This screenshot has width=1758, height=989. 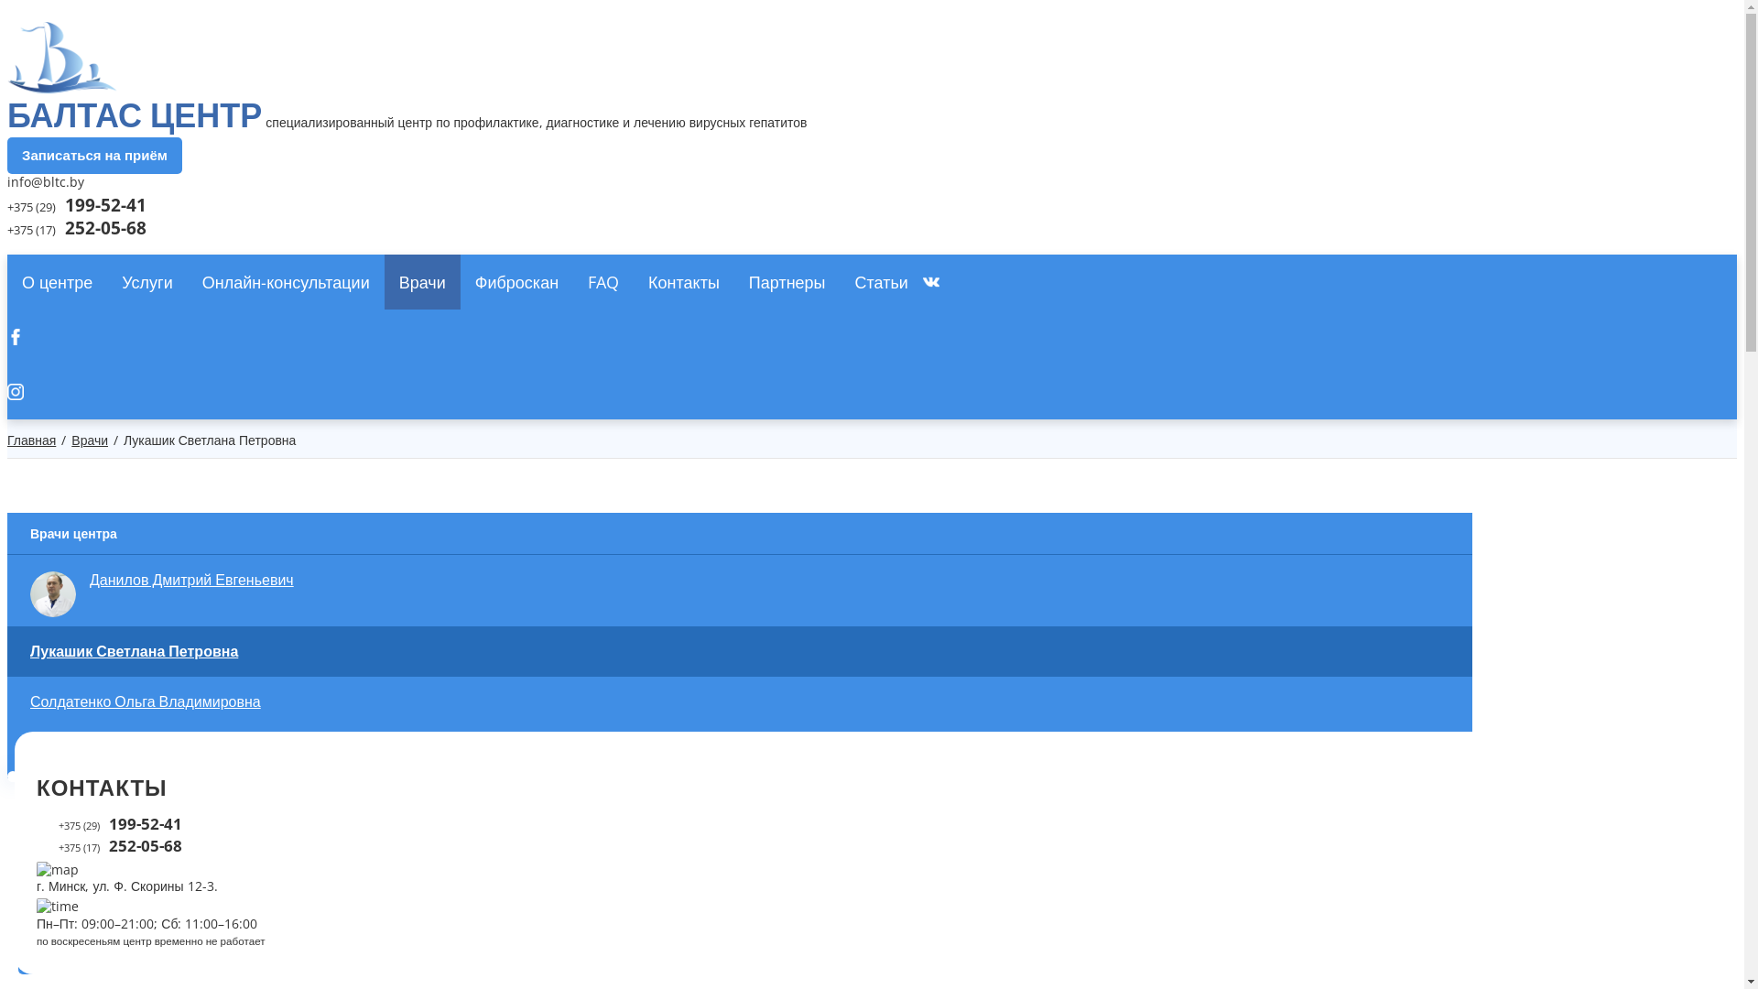 What do you see at coordinates (75, 205) in the screenshot?
I see `'+375 (29) 199-52-41'` at bounding box center [75, 205].